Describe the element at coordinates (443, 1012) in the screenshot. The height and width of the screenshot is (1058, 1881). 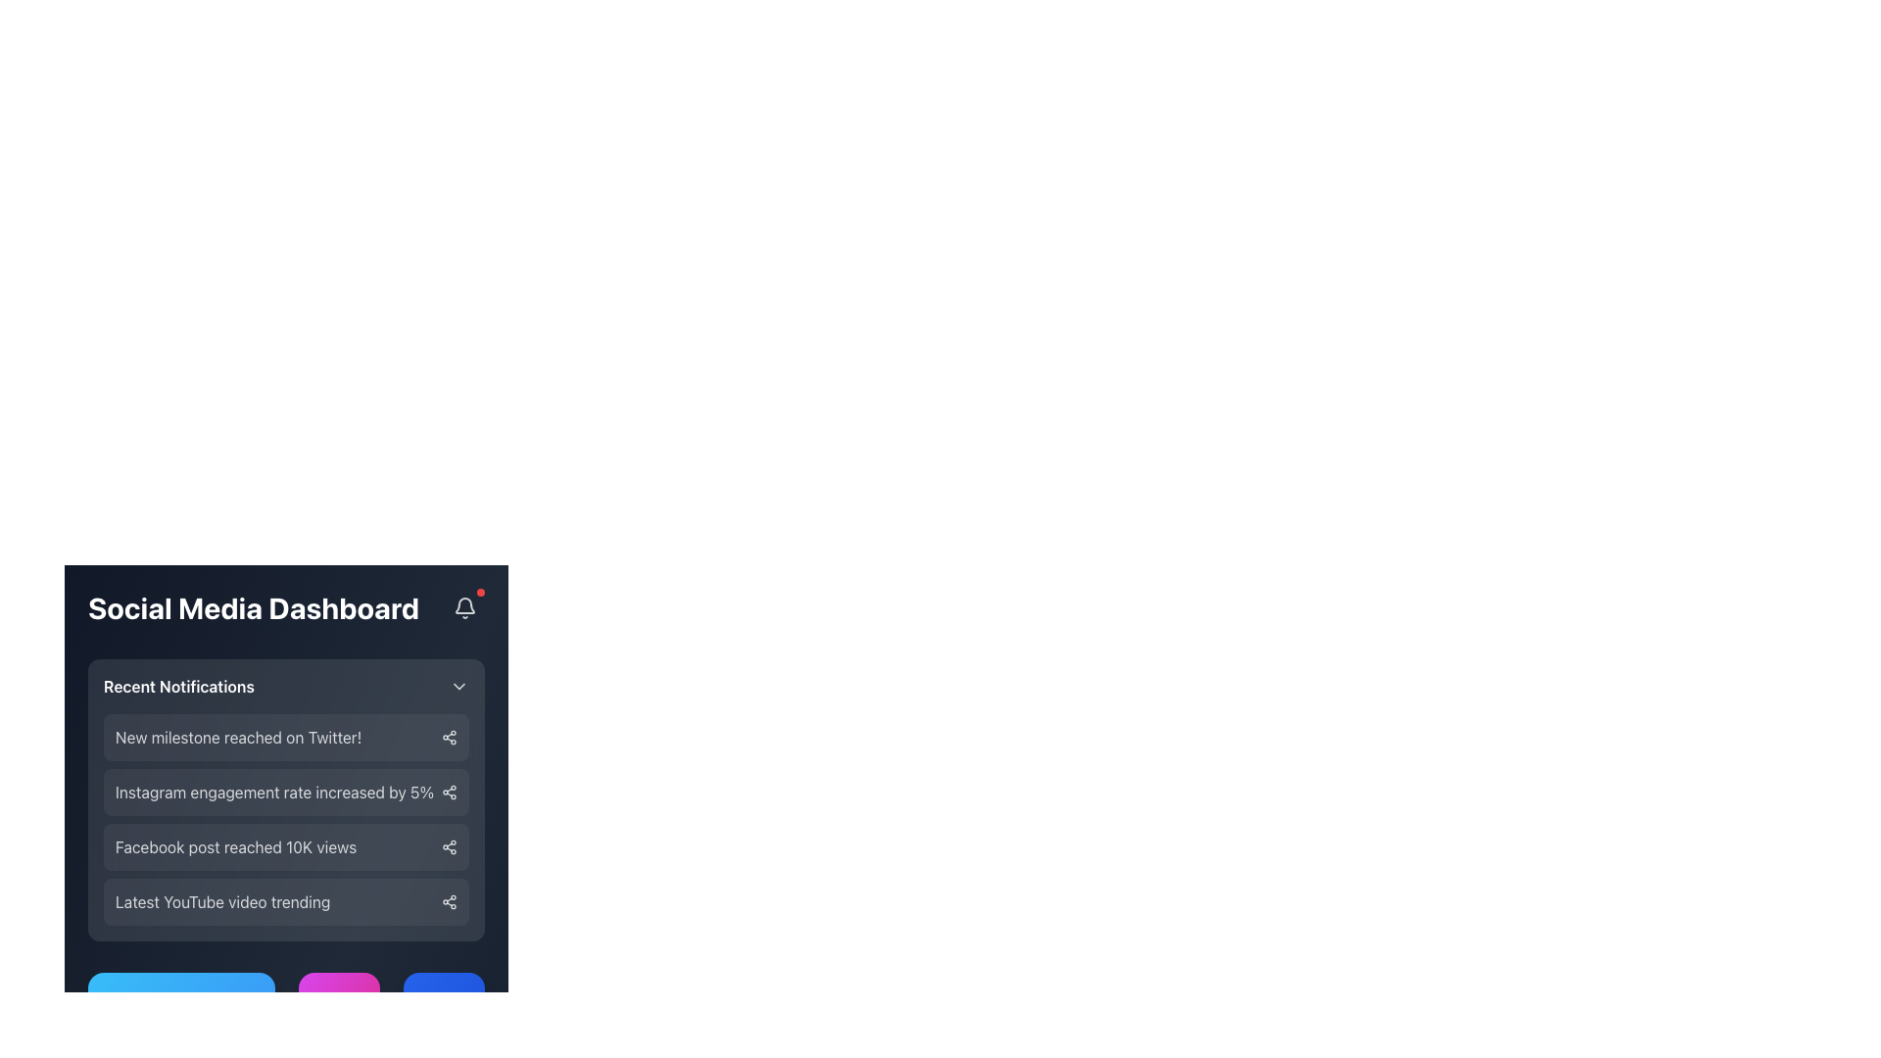
I see `the 'Facebook' text label, which is styled in bold with a white font` at that location.